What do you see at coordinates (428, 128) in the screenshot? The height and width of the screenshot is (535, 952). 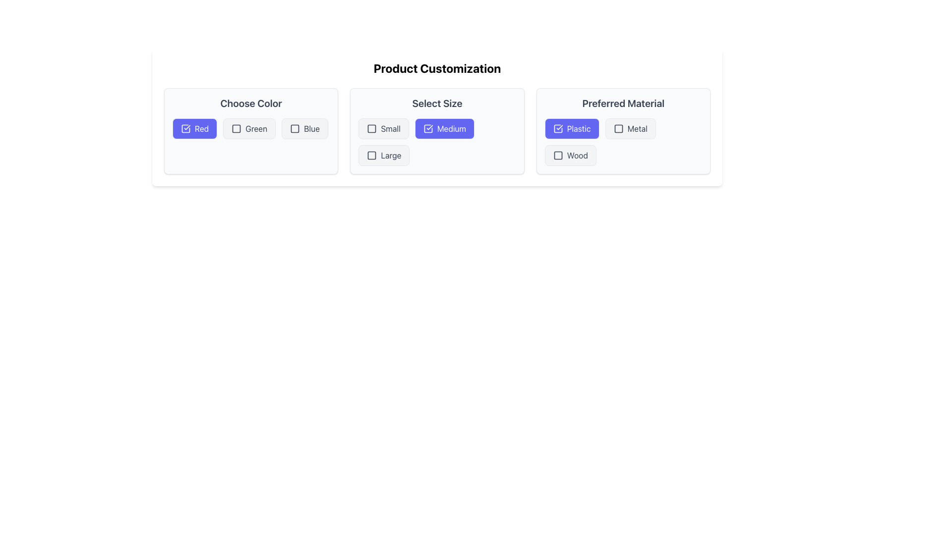 I see `the checkbox and tick icon within the 'Medium' button in the 'Select Size' section` at bounding box center [428, 128].